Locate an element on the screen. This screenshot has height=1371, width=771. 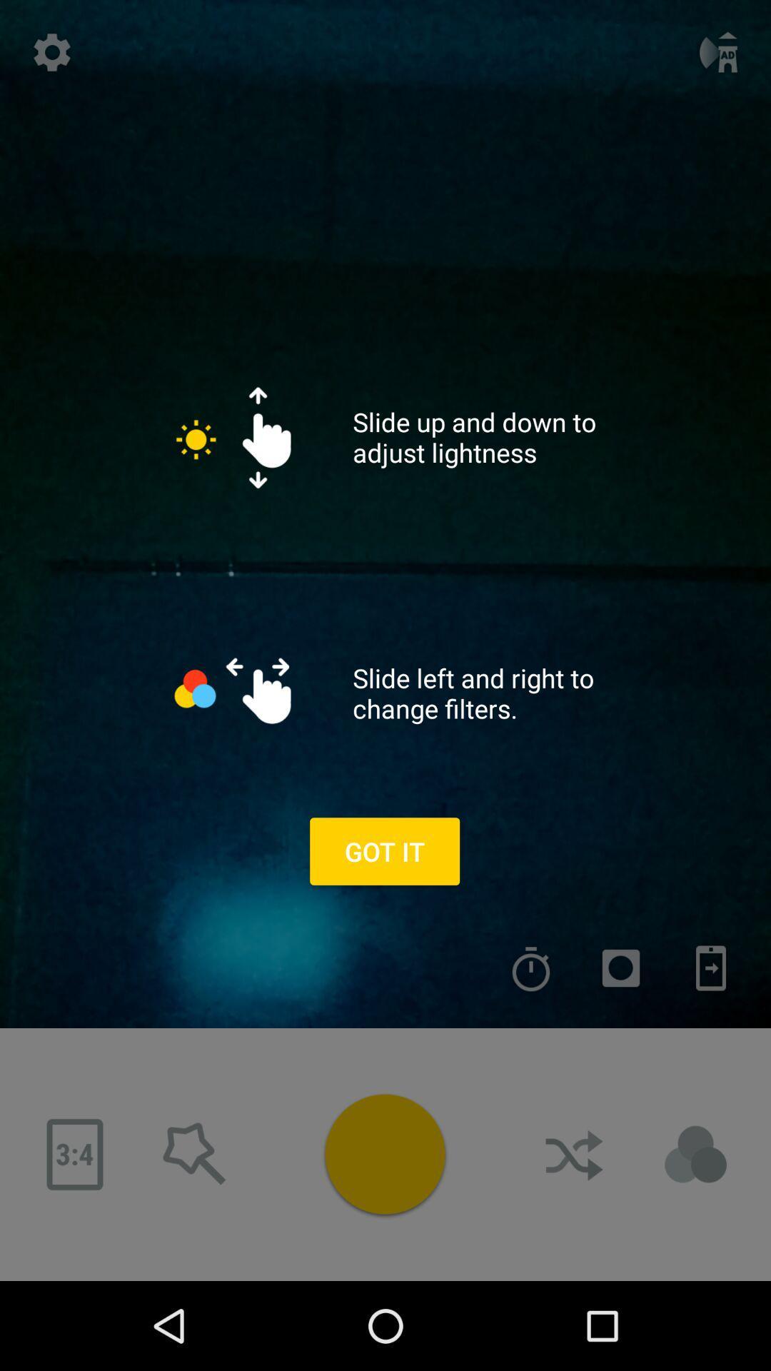
settings button is located at coordinates (51, 52).